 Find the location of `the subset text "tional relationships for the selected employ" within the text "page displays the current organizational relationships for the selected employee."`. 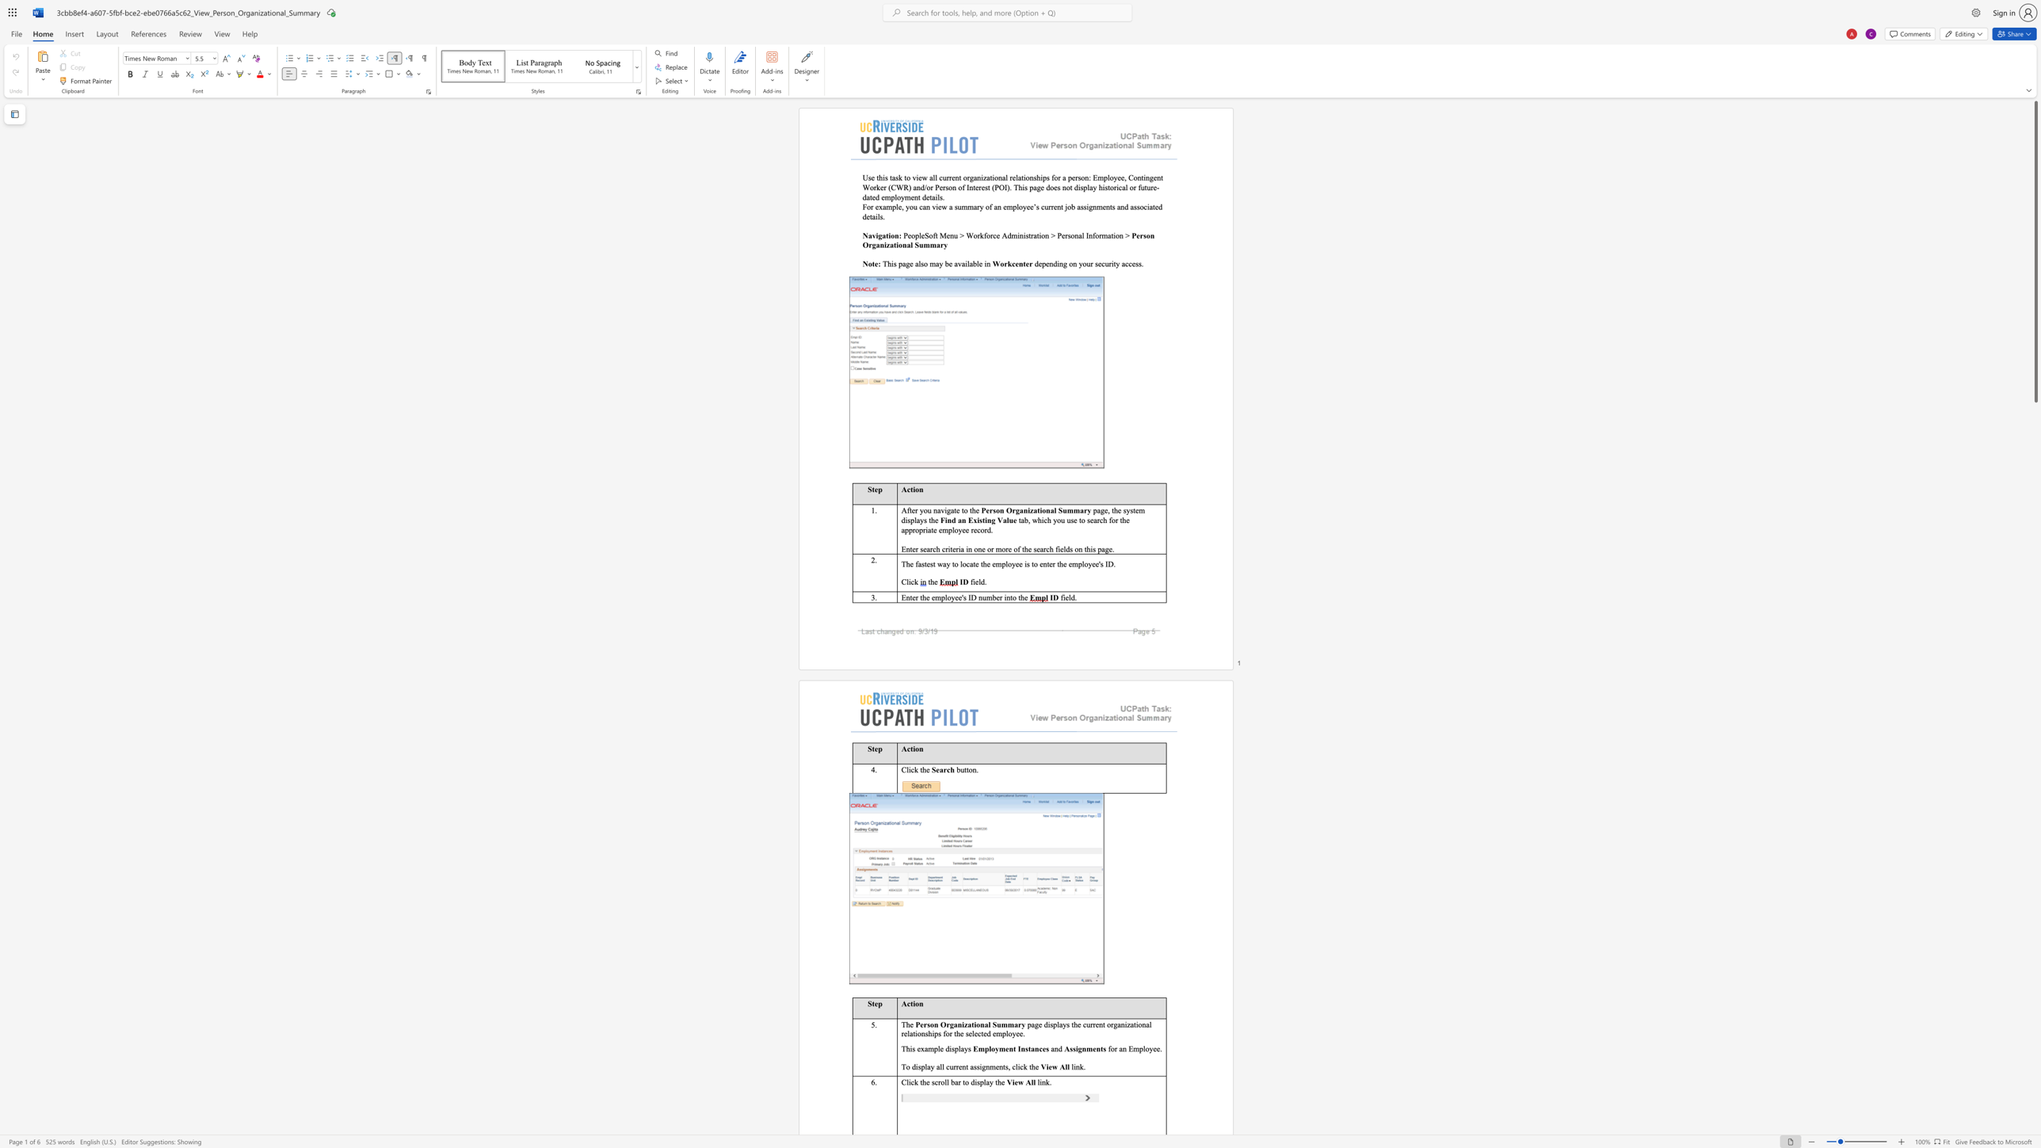

the subset text "tional relationships for the selected employ" within the text "page displays the current organizational relationships for the selected employee." is located at coordinates (1134, 1024).